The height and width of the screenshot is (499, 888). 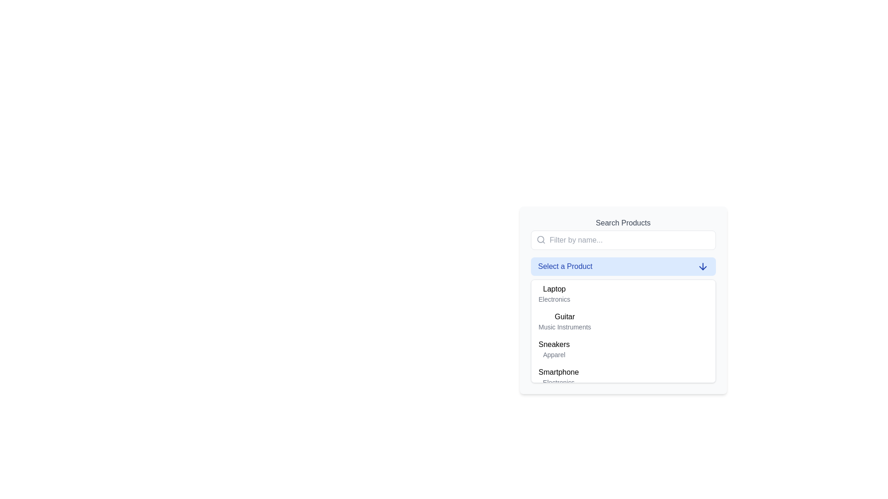 I want to click on the 'Search Products' text label, which is a medium-sized, bold, gray-colored label positioned above the search input box, so click(x=623, y=223).